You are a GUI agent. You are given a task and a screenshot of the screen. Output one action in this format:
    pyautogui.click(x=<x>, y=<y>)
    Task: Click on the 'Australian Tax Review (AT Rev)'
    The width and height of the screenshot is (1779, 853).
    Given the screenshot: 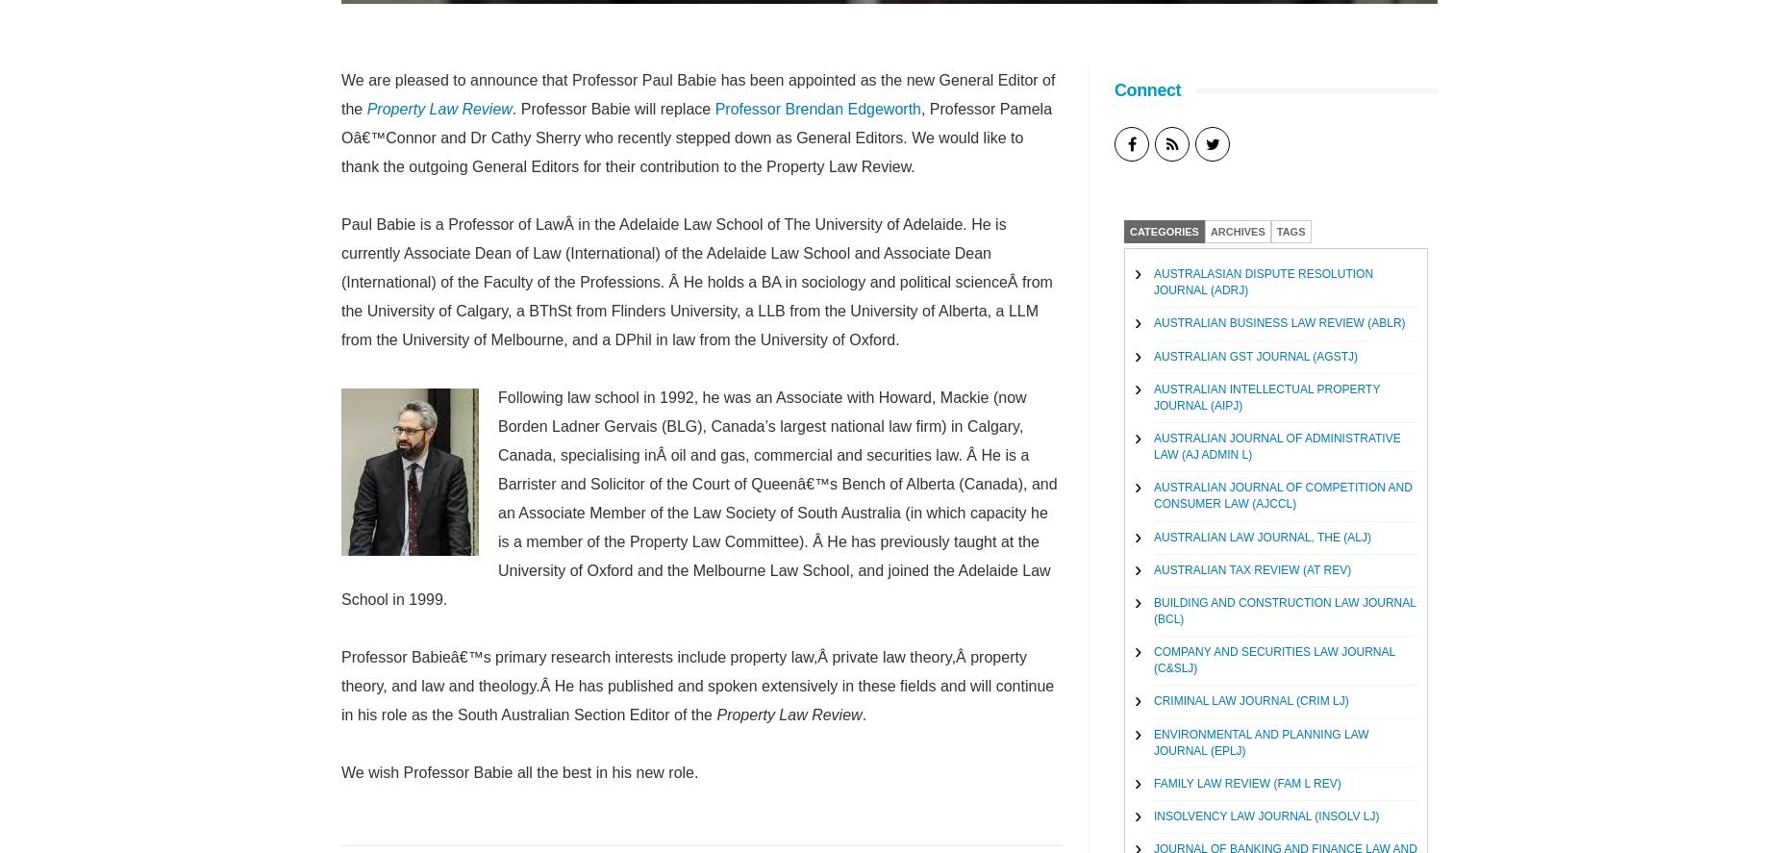 What is the action you would take?
    pyautogui.click(x=1251, y=567)
    